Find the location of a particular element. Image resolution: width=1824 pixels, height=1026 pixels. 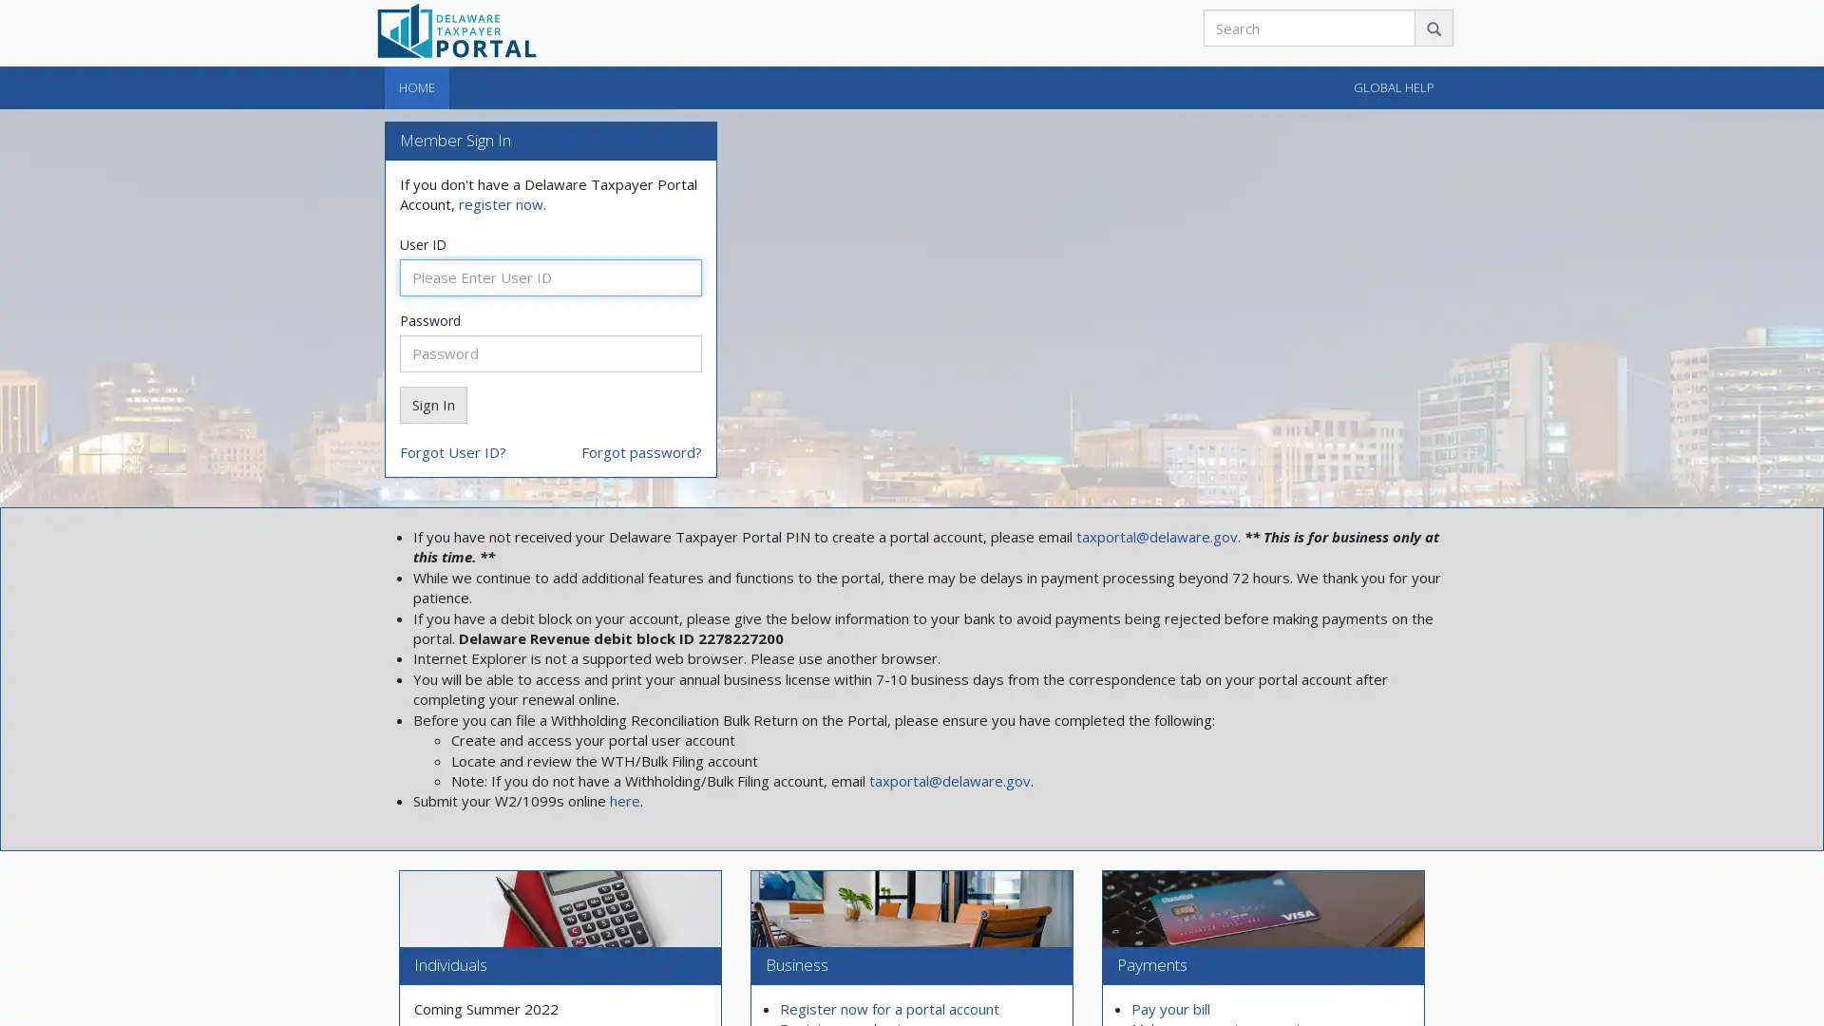

Sign In is located at coordinates (432, 403).